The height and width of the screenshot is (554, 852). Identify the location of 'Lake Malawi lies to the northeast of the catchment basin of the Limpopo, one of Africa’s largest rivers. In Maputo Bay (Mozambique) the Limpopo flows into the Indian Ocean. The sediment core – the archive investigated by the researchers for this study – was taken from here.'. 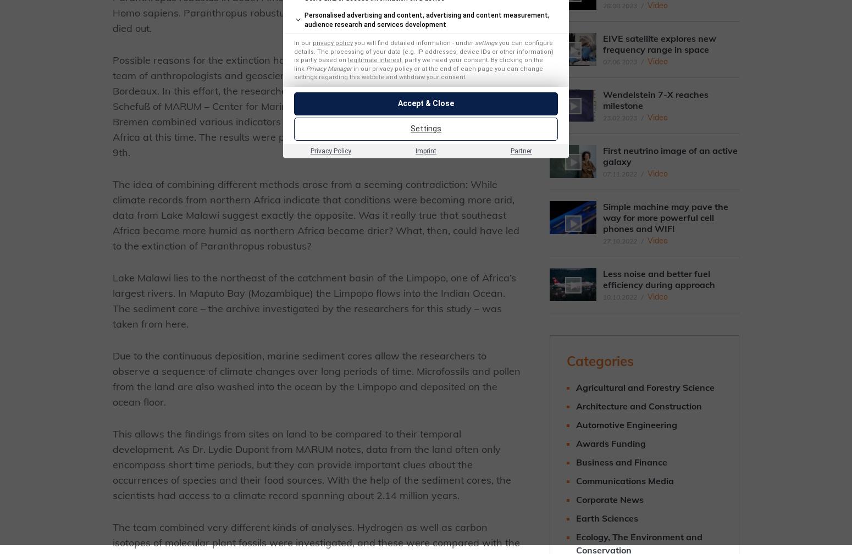
(314, 301).